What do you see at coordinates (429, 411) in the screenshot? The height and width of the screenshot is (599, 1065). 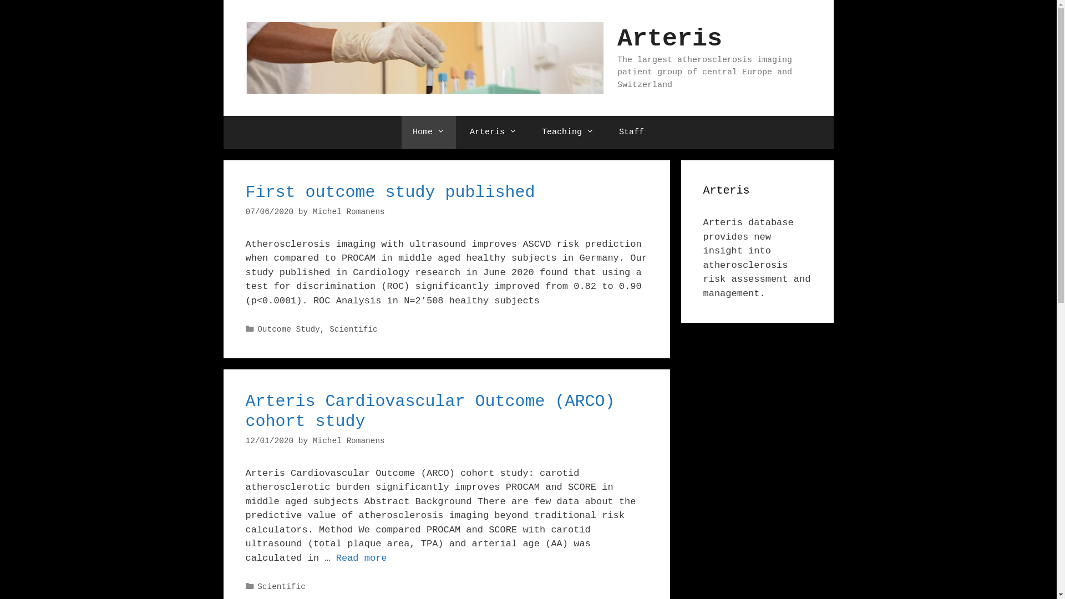 I see `'Arteris Cardiovascular Outcome (ARCO) cohort study'` at bounding box center [429, 411].